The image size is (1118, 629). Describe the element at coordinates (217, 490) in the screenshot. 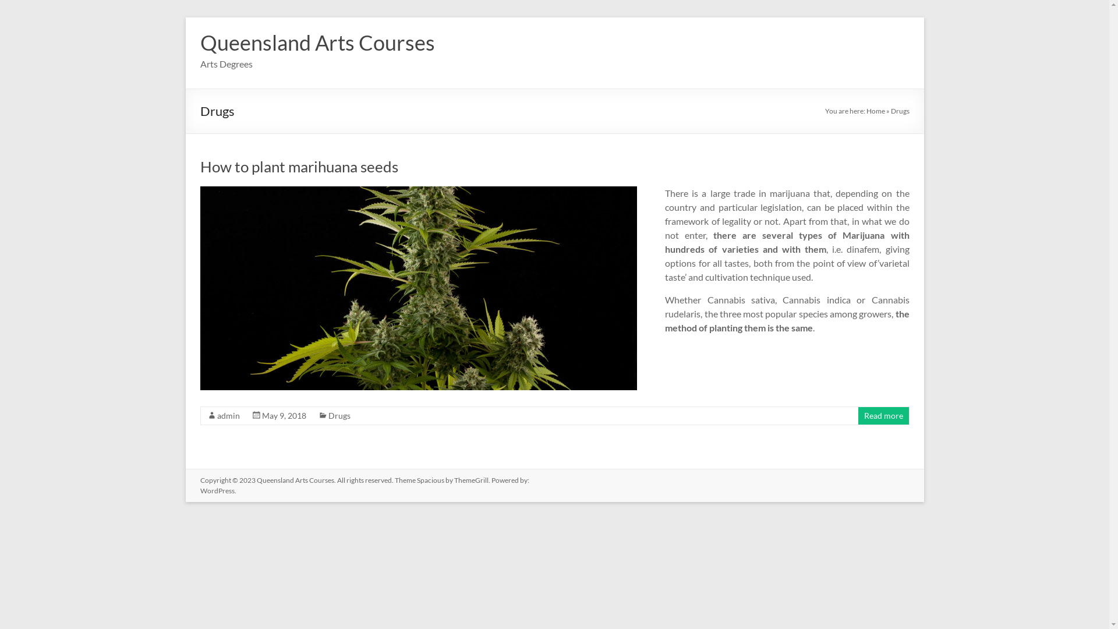

I see `'WordPress'` at that location.